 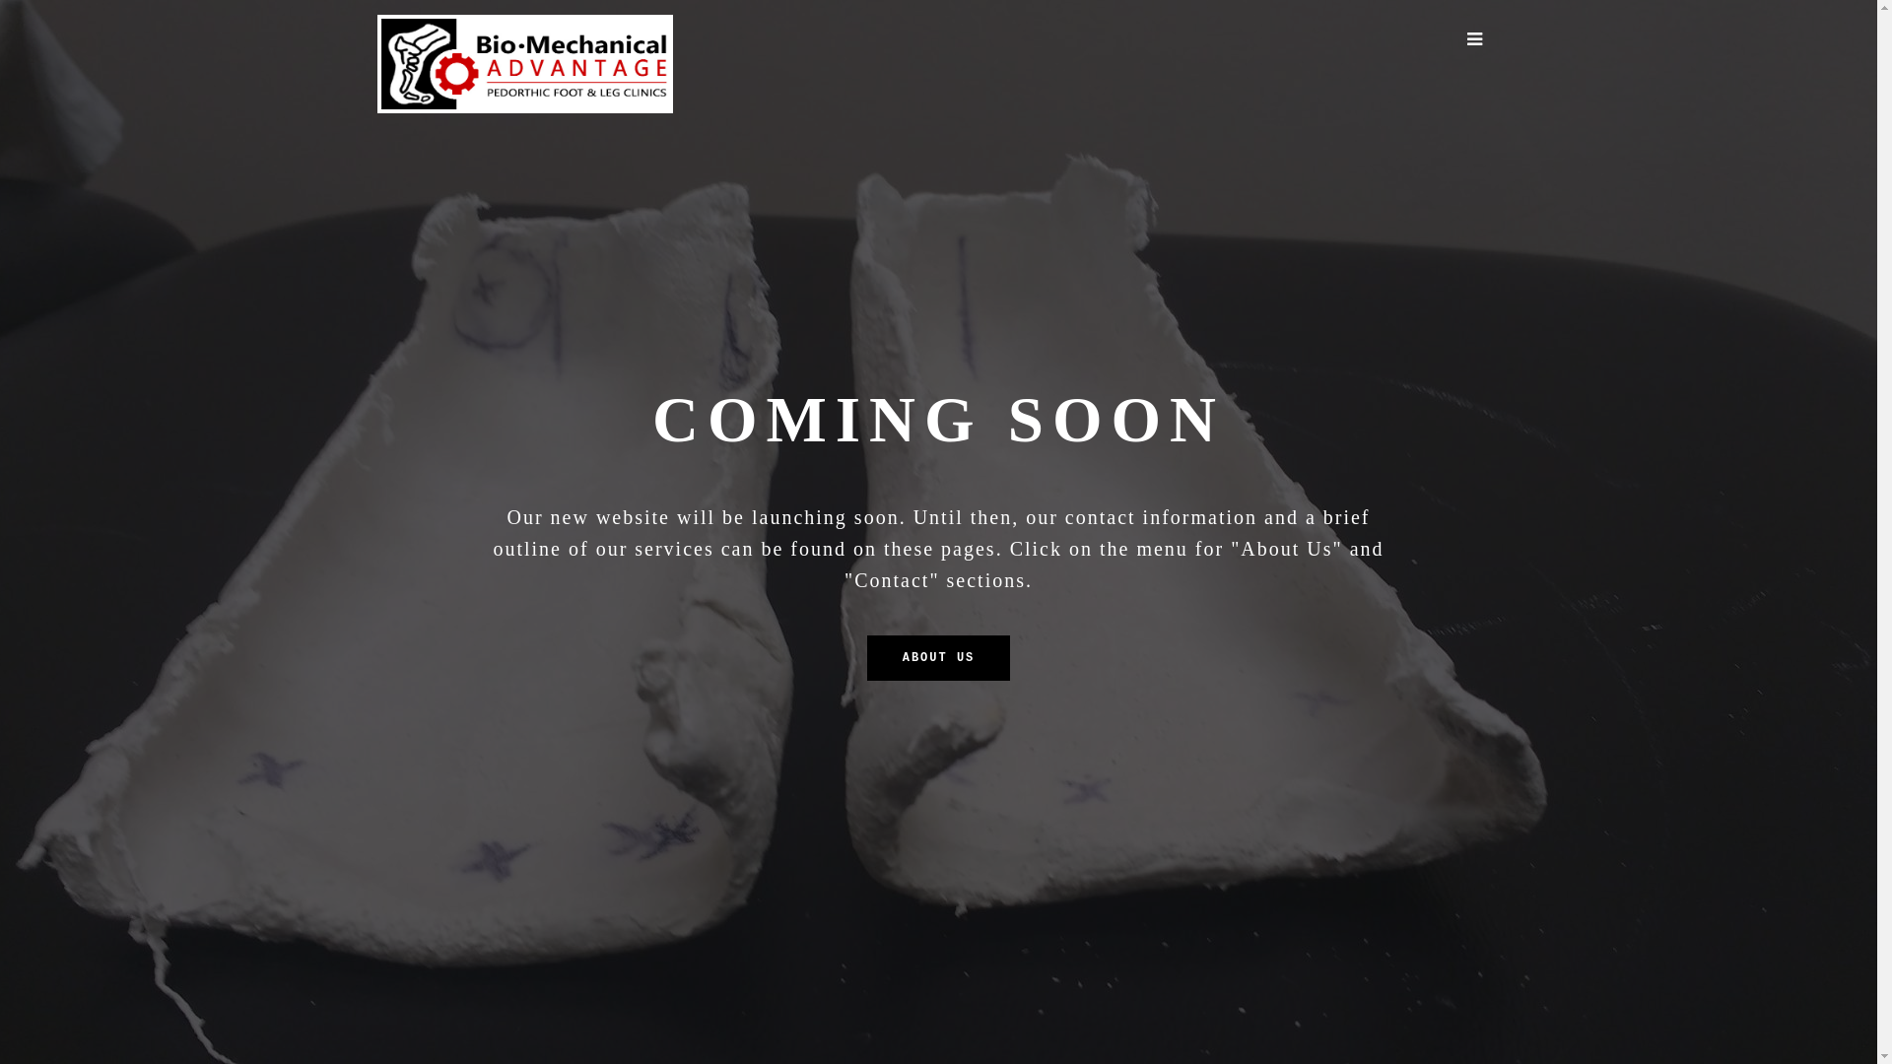 I want to click on 'ABOUT US', so click(x=938, y=657).